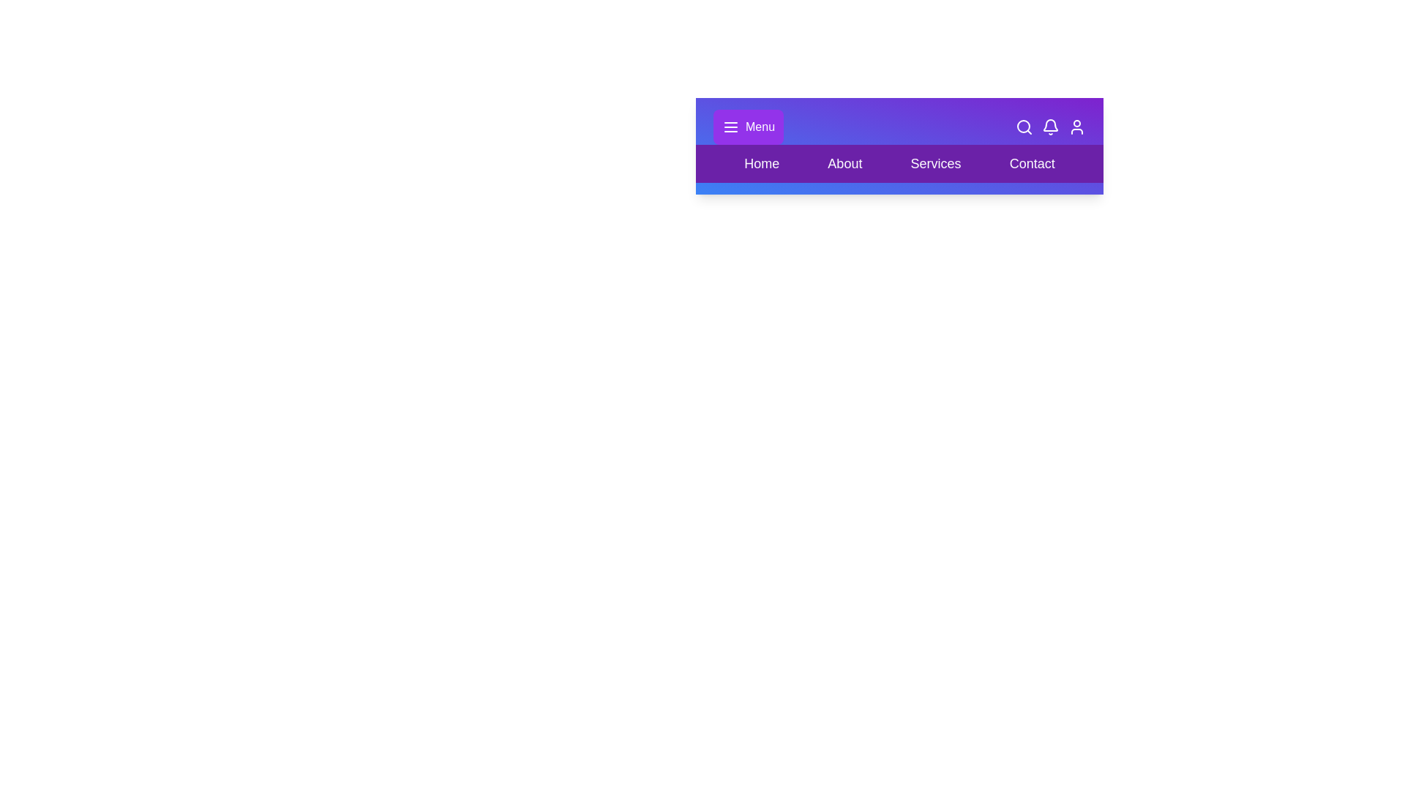 This screenshot has height=790, width=1405. I want to click on the element Search to highlight it, so click(1024, 126).